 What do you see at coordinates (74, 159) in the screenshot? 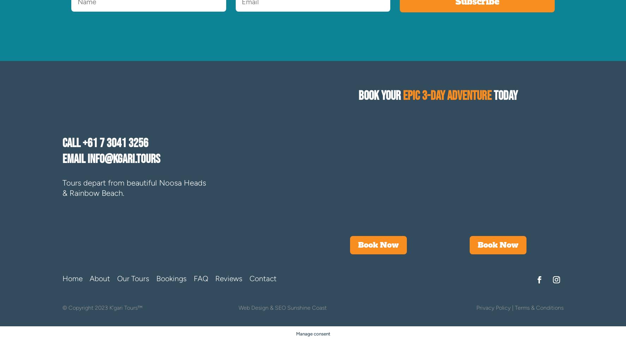
I see `'EMAIL'` at bounding box center [74, 159].